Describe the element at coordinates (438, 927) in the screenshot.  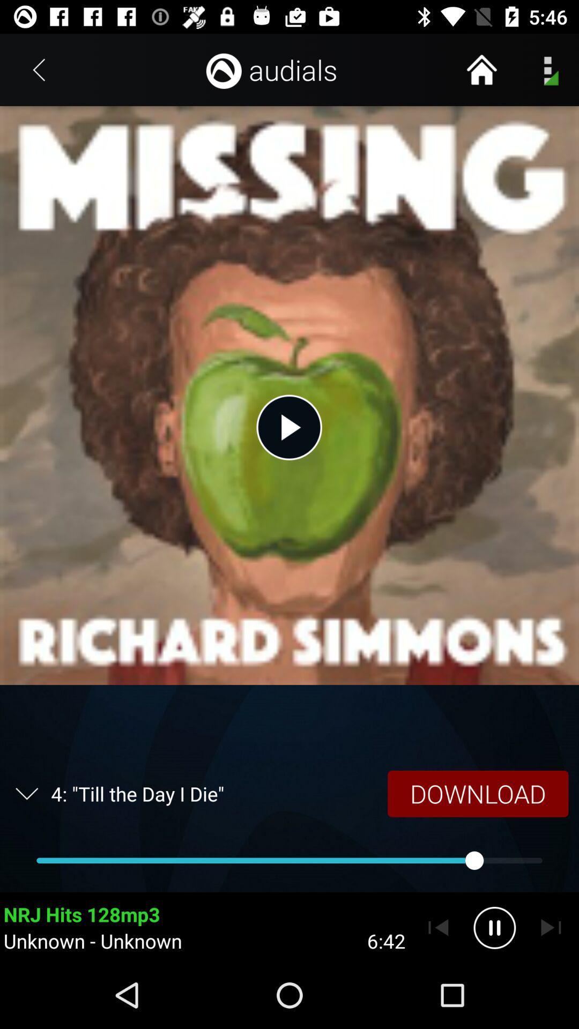
I see `go back` at that location.